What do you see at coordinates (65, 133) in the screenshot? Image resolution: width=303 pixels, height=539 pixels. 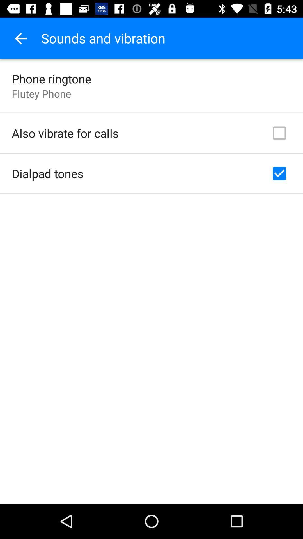 I see `also vibrate for item` at bounding box center [65, 133].